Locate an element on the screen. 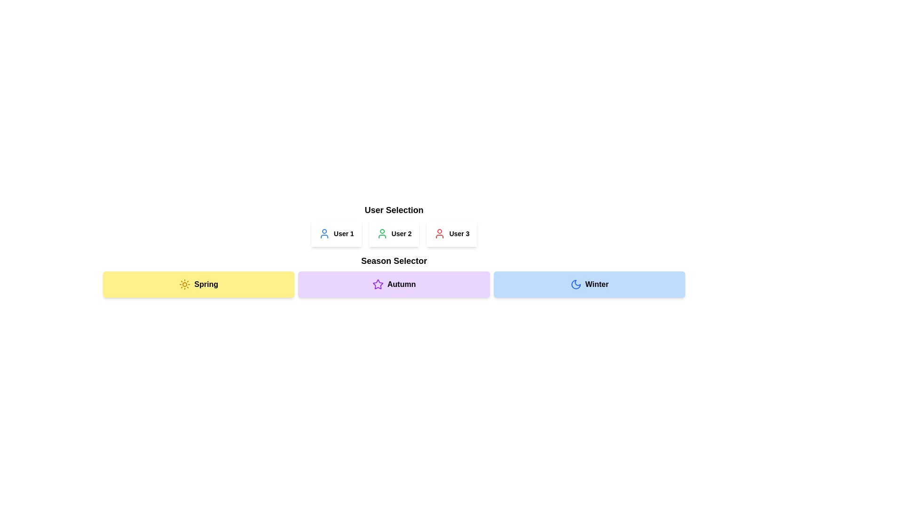 The height and width of the screenshot is (508, 903). the 'Winter' button, which is a rectangular button with rounded corners, featuring a moon icon on the left and bold text on the right, to visually highlight it is located at coordinates (589, 284).